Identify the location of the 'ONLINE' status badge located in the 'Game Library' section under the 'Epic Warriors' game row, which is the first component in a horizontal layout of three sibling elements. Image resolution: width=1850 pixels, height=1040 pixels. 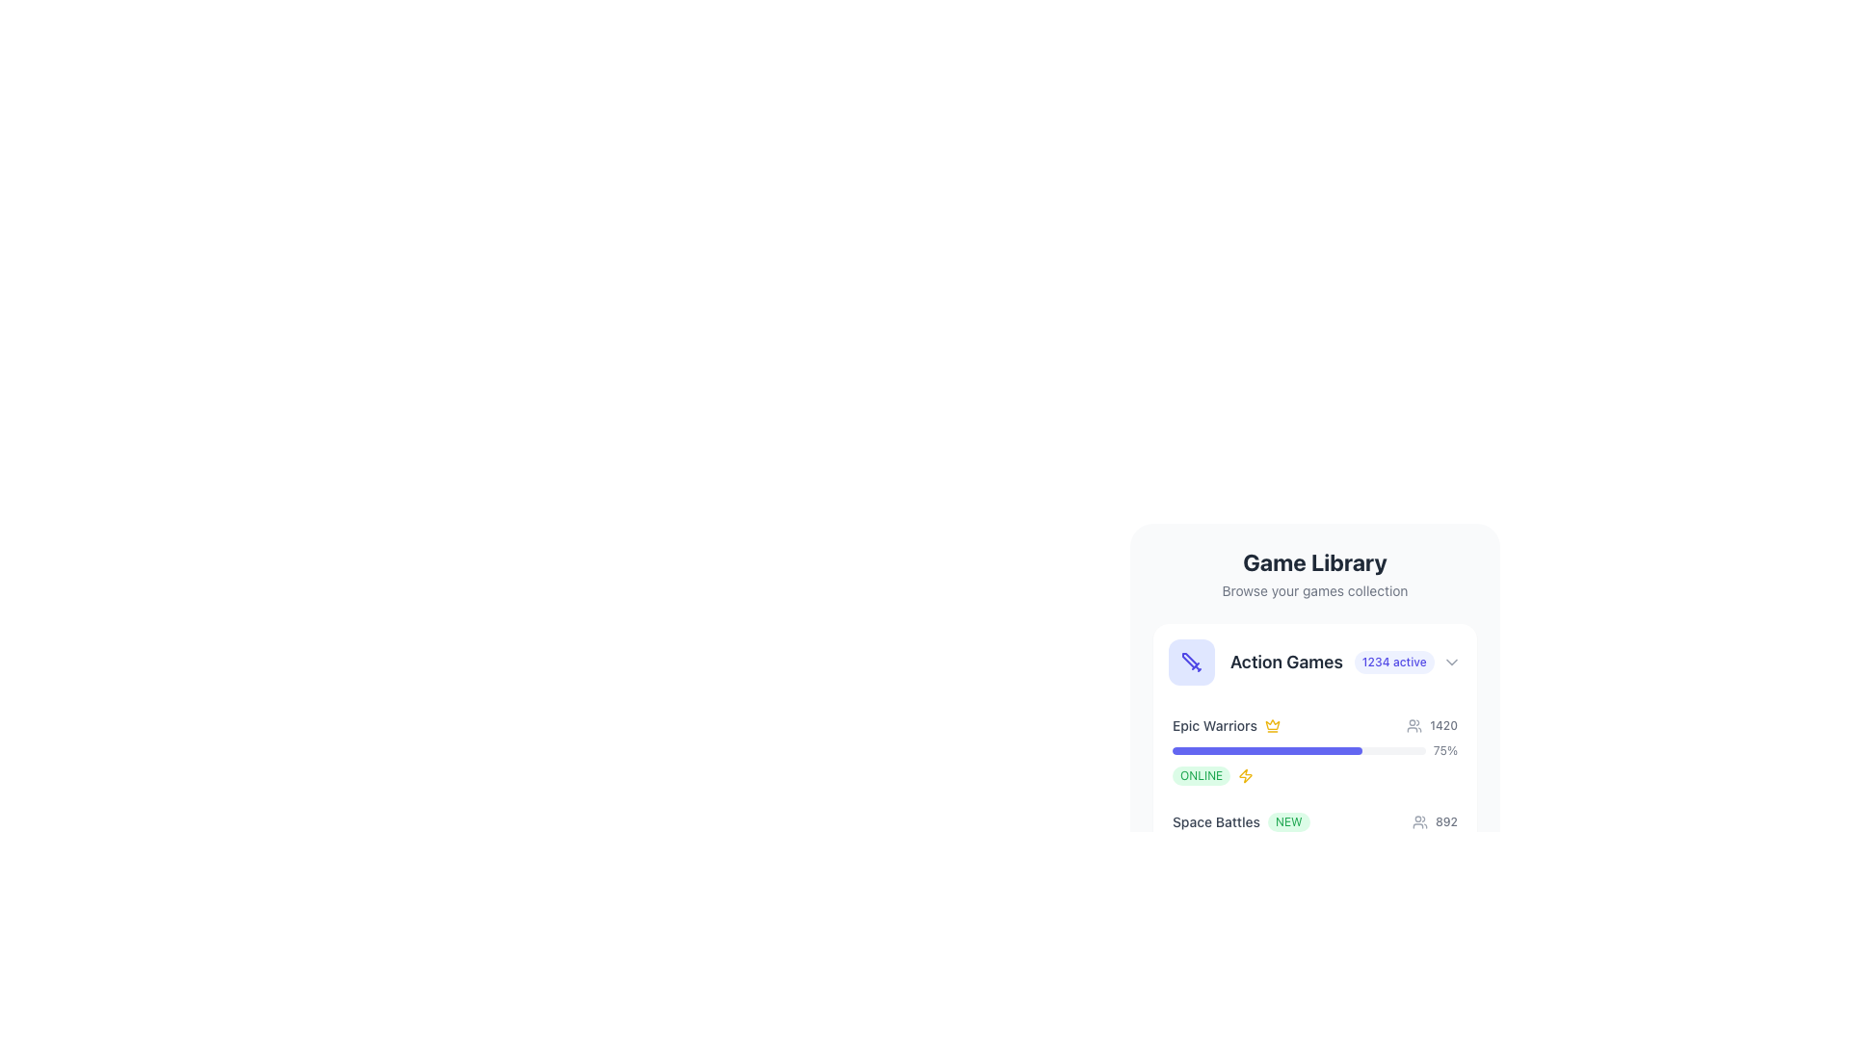
(1201, 775).